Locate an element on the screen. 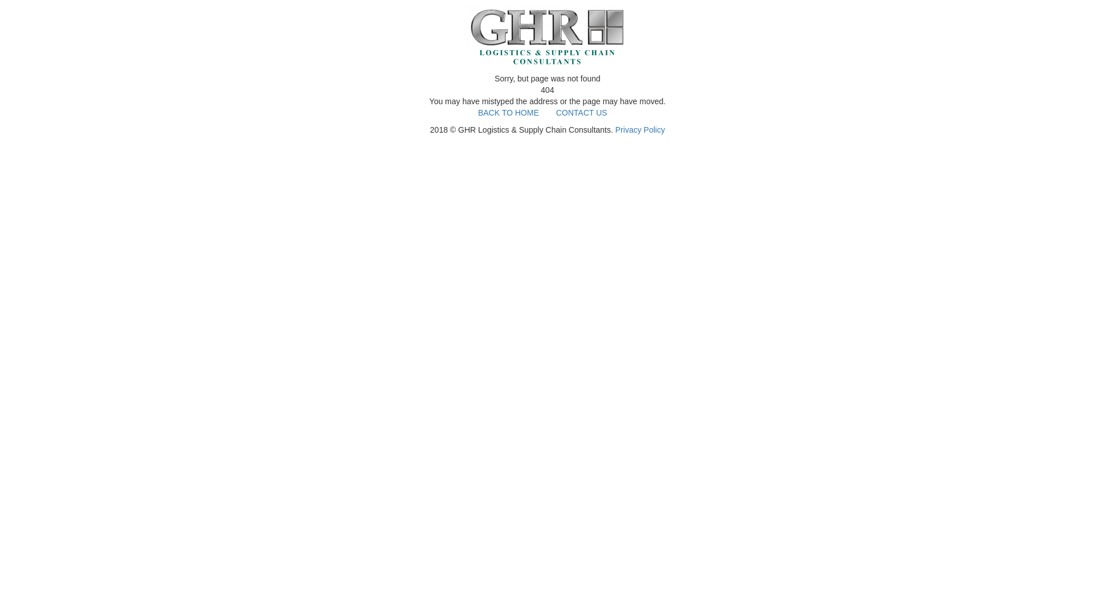 This screenshot has height=615, width=1095. 'Privacy Policy' is located at coordinates (615, 129).